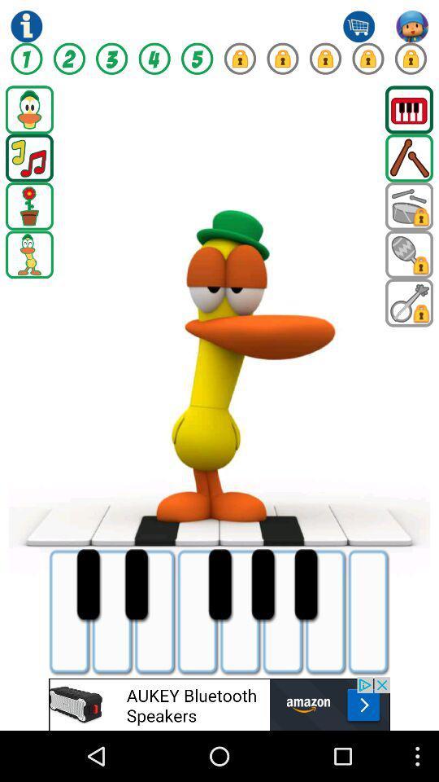  Describe the element at coordinates (68, 59) in the screenshot. I see `level 2` at that location.